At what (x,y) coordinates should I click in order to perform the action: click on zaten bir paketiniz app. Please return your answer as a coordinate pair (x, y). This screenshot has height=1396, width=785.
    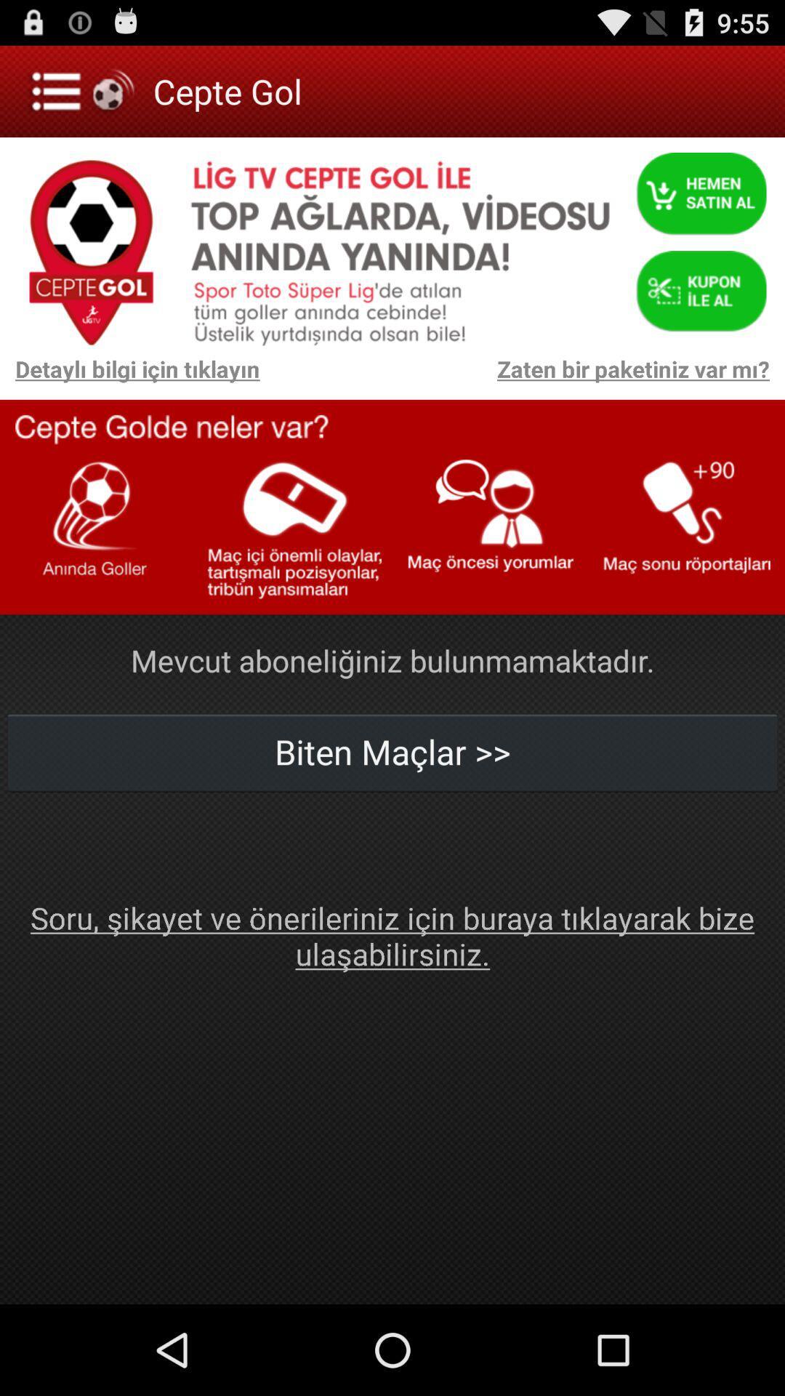
    Looking at the image, I should click on (521, 376).